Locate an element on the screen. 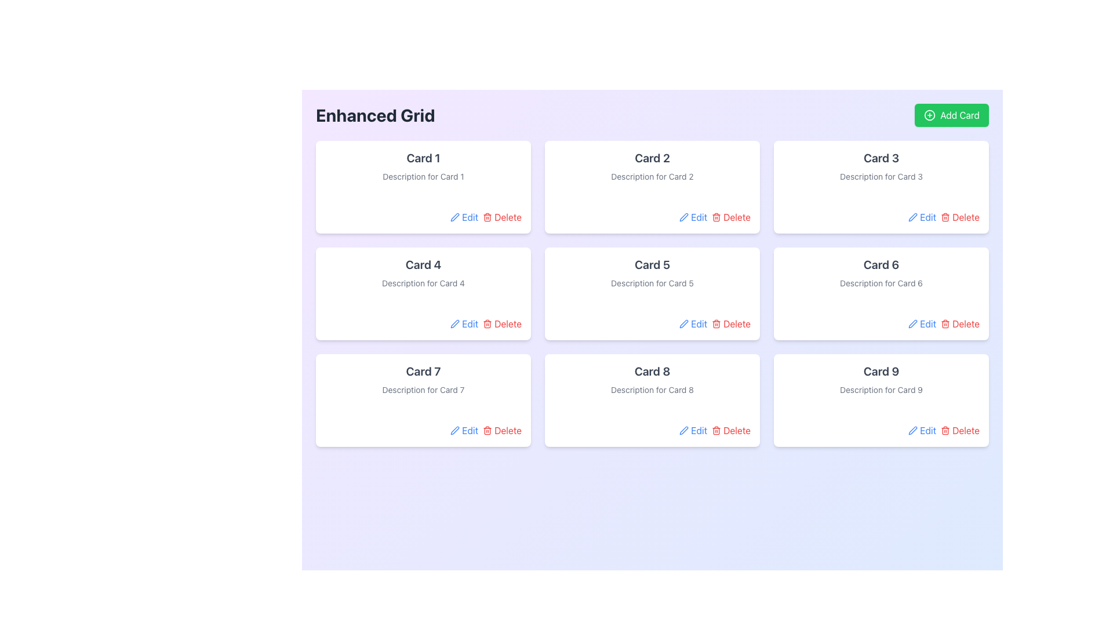 This screenshot has height=626, width=1113. the 'Edit' button located in the bottom-right corner of 'Card 2' to initiate the editing operation is located at coordinates (693, 217).